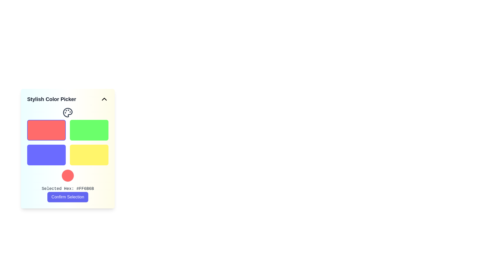  What do you see at coordinates (89, 155) in the screenshot?
I see `the interactive color option button located in the bottom-right corner of the color picker grid to trigger animations or effects` at bounding box center [89, 155].